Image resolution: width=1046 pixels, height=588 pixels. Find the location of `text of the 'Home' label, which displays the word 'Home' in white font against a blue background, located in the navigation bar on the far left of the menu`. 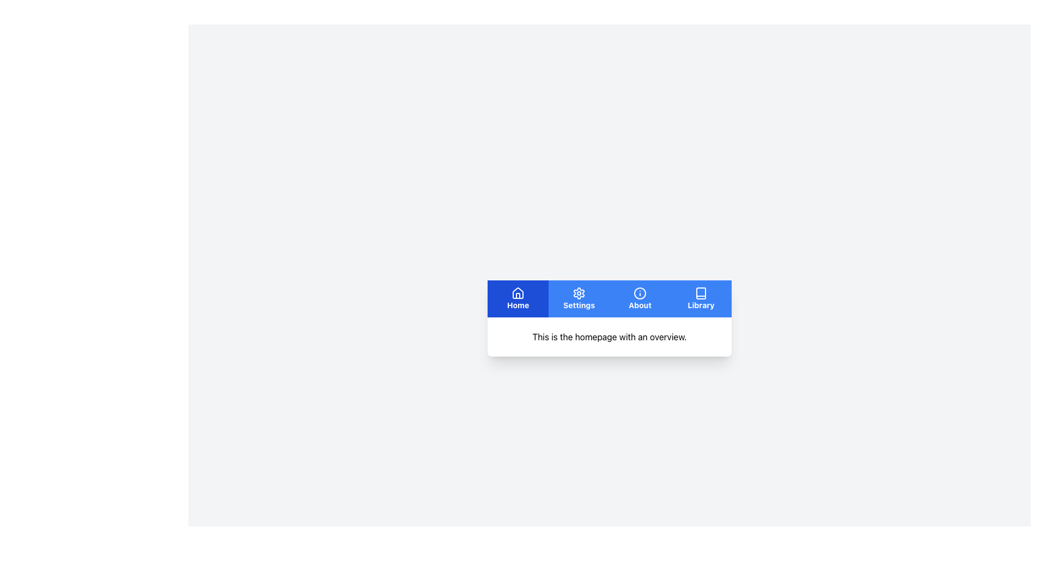

text of the 'Home' label, which displays the word 'Home' in white font against a blue background, located in the navigation bar on the far left of the menu is located at coordinates (517, 305).